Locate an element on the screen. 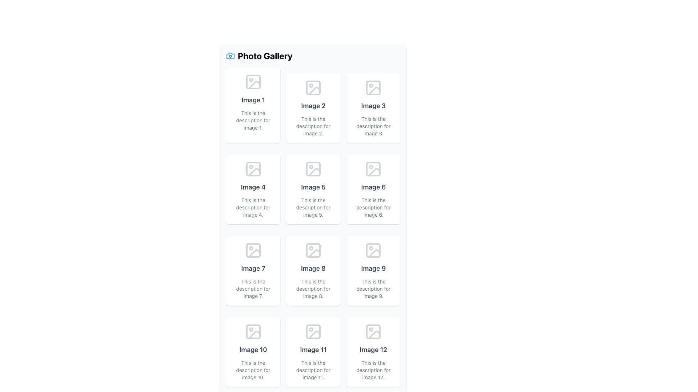 Image resolution: width=698 pixels, height=392 pixels. the rounded decorative rectangle within the 'Image 7' placeholder, which is the top-left rectangle in the icon structure is located at coordinates (253, 250).